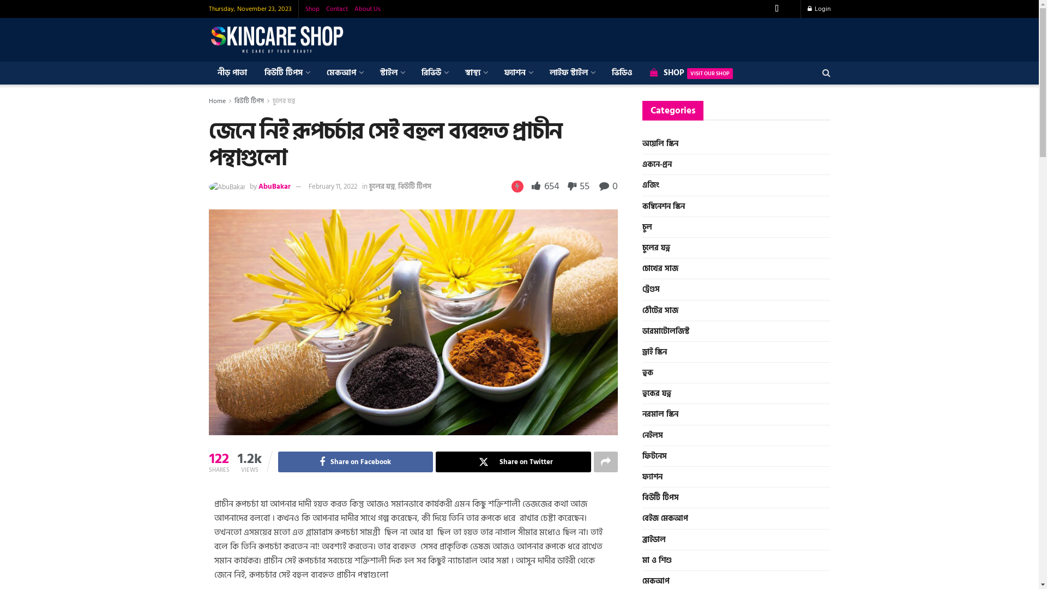 The width and height of the screenshot is (1047, 589). I want to click on 'About Us', so click(367, 9).